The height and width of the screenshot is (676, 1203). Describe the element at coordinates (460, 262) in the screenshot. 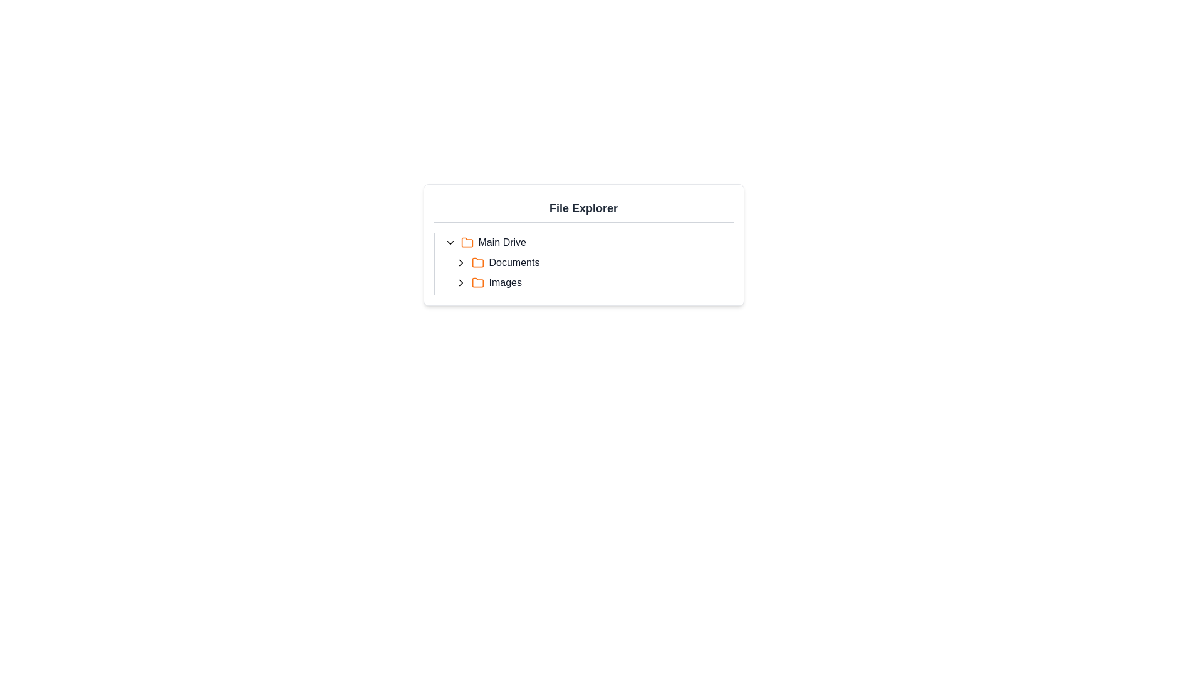

I see `the small right-facing chevron icon located before the 'Documents' text` at that location.